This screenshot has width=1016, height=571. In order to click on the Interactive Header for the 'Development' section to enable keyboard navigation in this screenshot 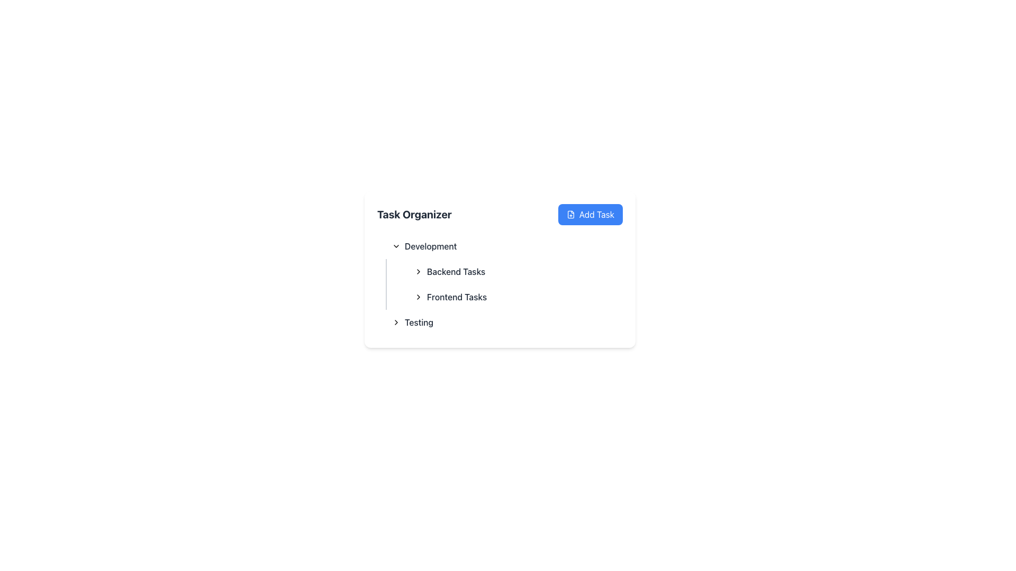, I will do `click(504, 246)`.